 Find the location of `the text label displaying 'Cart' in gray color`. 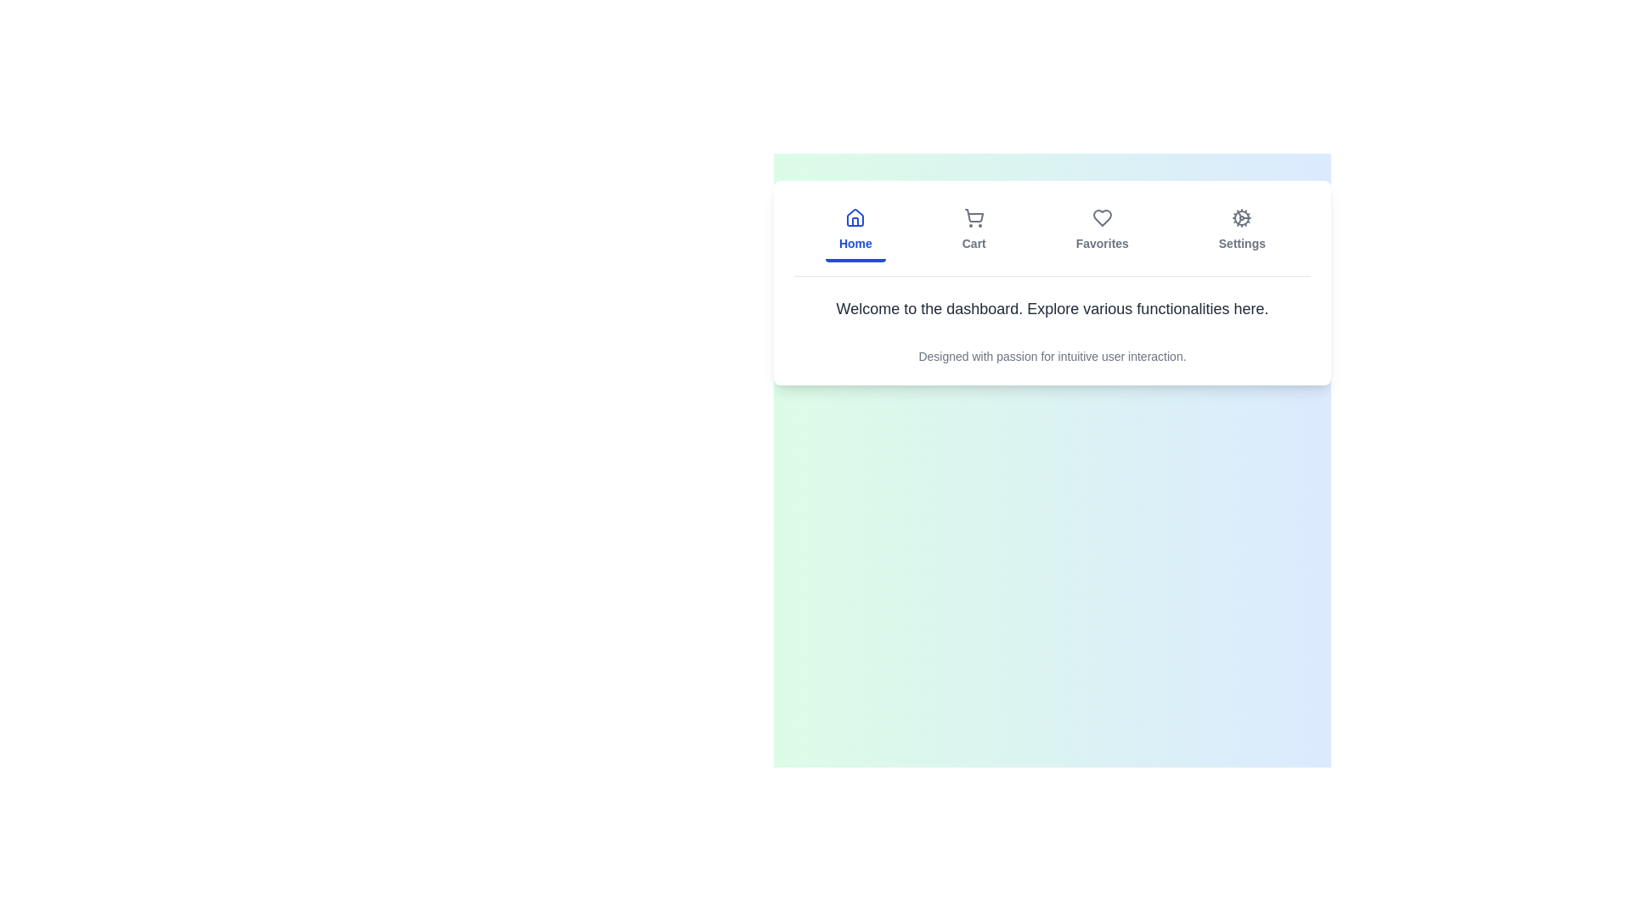

the text label displaying 'Cart' in gray color is located at coordinates (974, 243).